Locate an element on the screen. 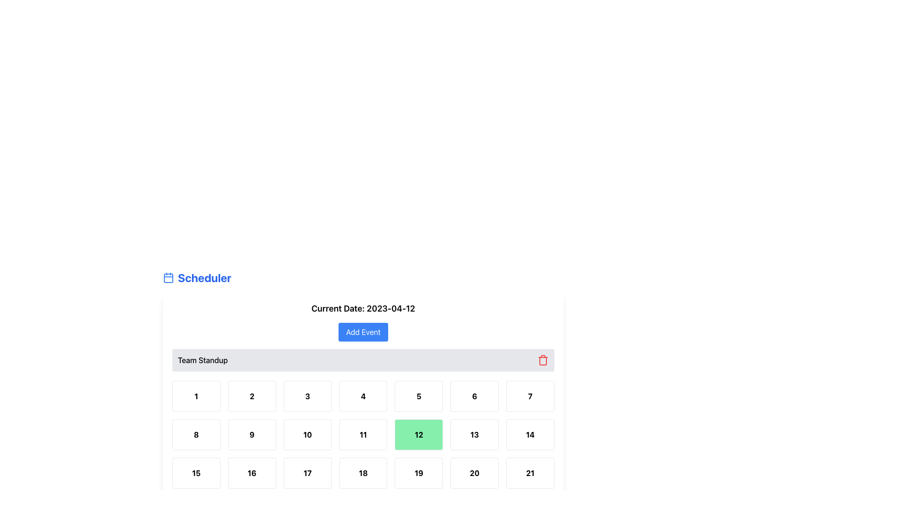 The image size is (899, 506). the fourth cell in the third row of the scheduler grid is located at coordinates (363, 473).